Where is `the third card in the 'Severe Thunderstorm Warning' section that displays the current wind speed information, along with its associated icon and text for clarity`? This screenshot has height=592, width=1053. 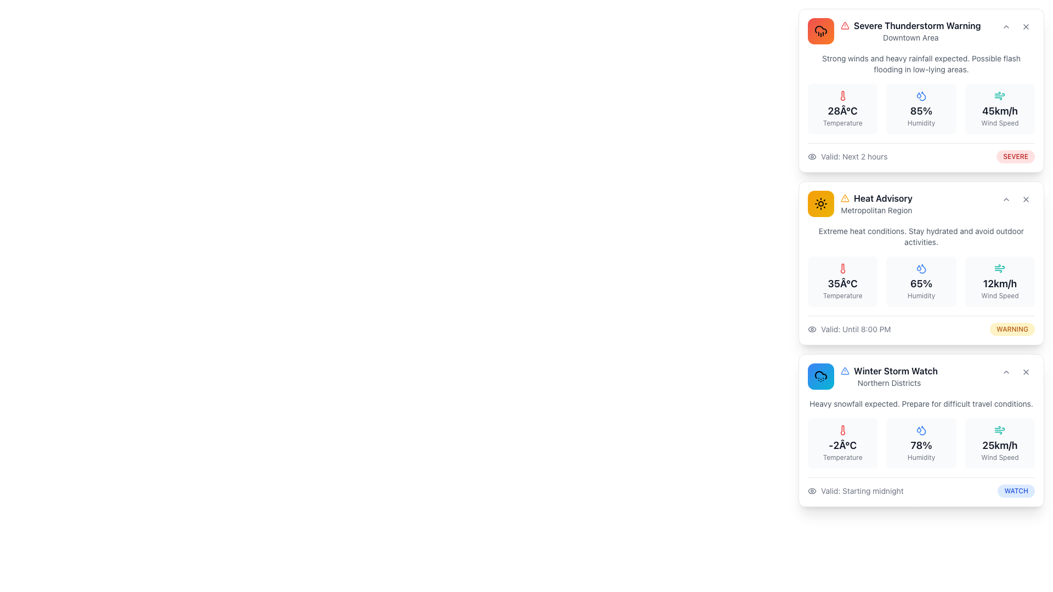 the third card in the 'Severe Thunderstorm Warning' section that displays the current wind speed information, along with its associated icon and text for clarity is located at coordinates (1000, 109).